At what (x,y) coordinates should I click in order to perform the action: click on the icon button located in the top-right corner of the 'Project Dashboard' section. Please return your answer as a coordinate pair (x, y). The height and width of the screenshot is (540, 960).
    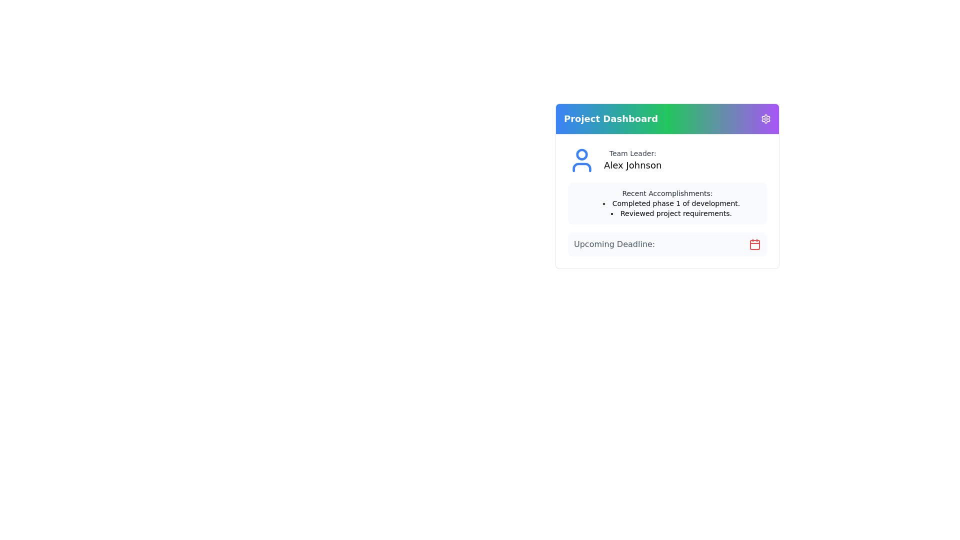
    Looking at the image, I should click on (765, 118).